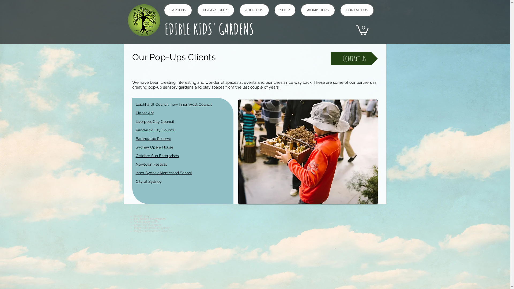 The height and width of the screenshot is (289, 514). What do you see at coordinates (135, 138) in the screenshot?
I see `'Barangaroo Reserve'` at bounding box center [135, 138].